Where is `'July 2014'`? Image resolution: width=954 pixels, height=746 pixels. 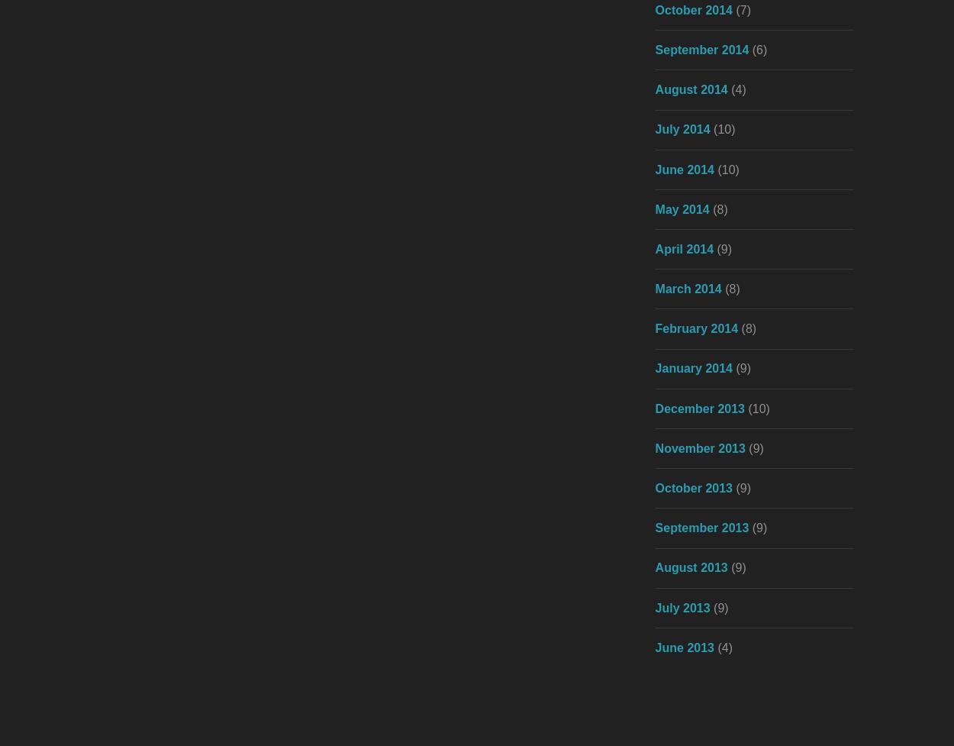
'July 2014' is located at coordinates (654, 128).